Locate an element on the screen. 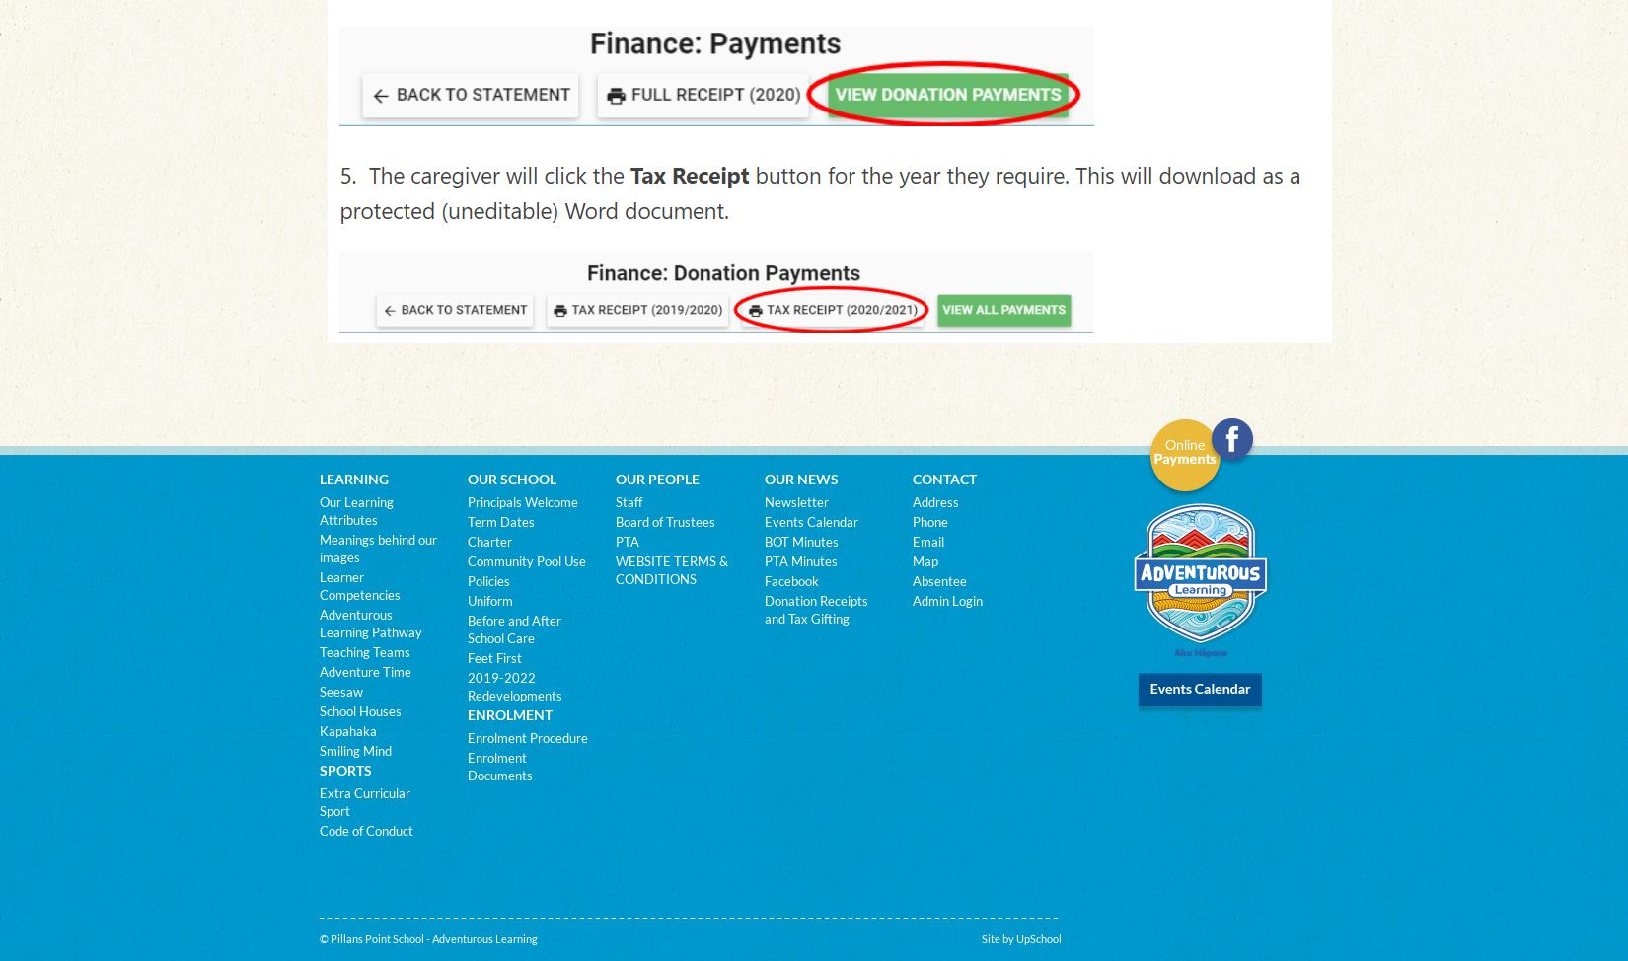 The width and height of the screenshot is (1628, 961). 'PTA Minutes' is located at coordinates (798, 560).